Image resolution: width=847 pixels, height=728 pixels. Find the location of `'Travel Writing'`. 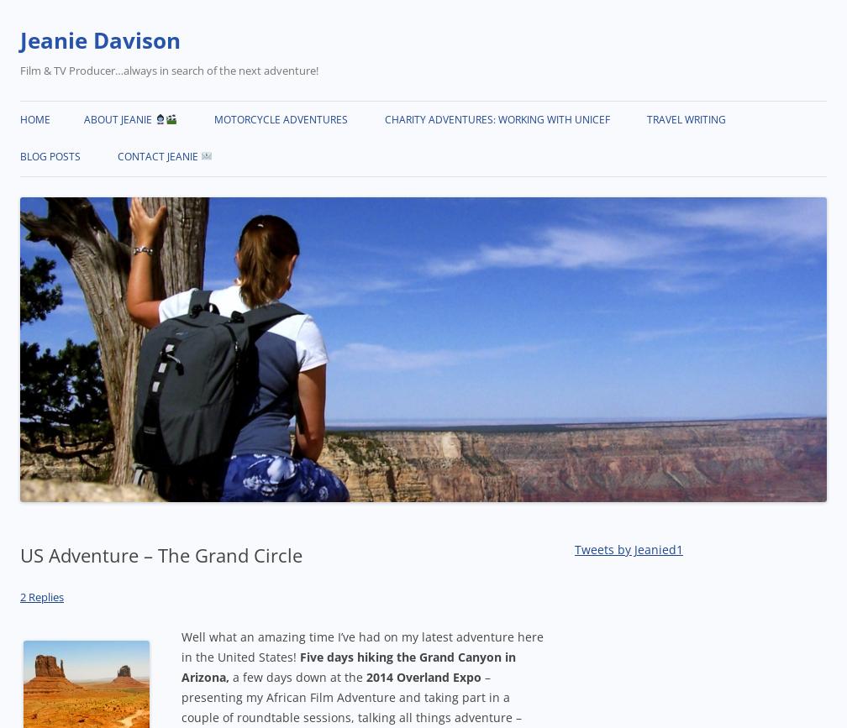

'Travel Writing' is located at coordinates (686, 119).